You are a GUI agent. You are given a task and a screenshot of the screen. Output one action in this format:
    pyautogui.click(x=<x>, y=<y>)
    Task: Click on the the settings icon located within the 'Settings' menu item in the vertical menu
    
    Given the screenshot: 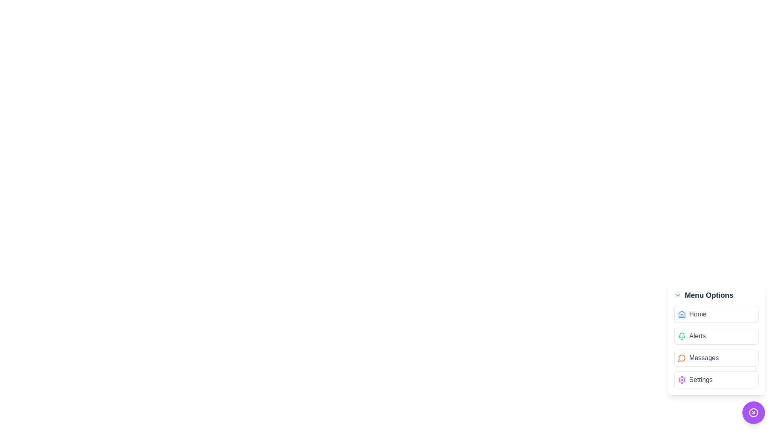 What is the action you would take?
    pyautogui.click(x=682, y=380)
    